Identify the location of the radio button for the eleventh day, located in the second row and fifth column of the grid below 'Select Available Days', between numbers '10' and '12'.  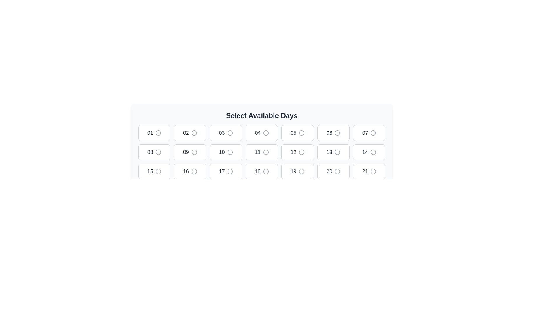
(265, 152).